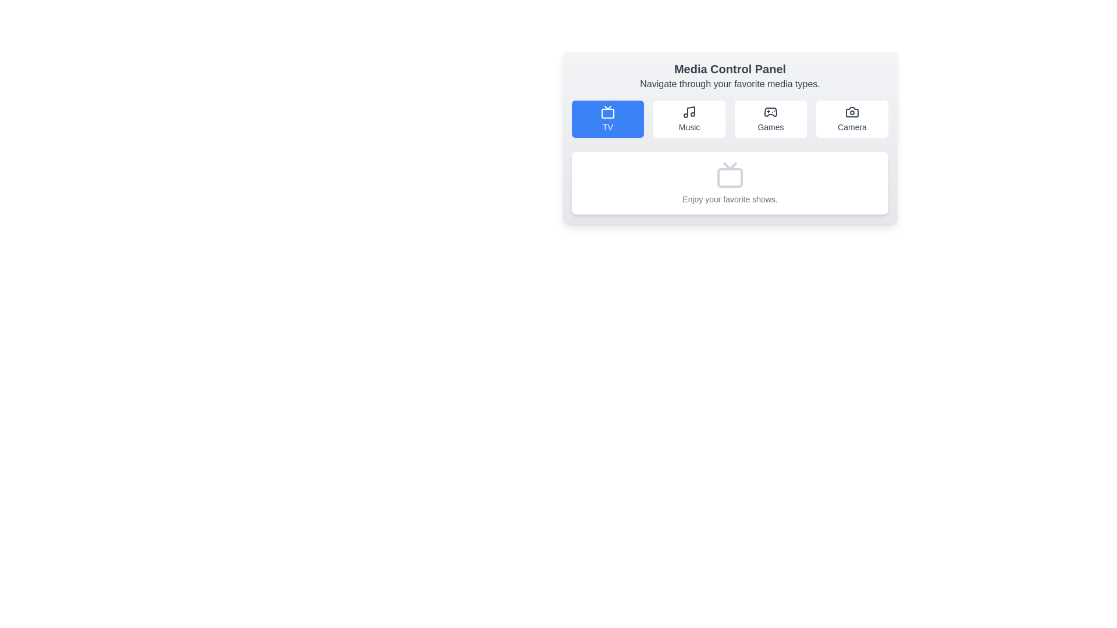 The image size is (1117, 628). Describe the element at coordinates (691, 111) in the screenshot. I see `the thin, geometric line rendering a segment of the musical note icon, which is centrally located within the 'Music' button that has a white rounded rectangle background` at that location.